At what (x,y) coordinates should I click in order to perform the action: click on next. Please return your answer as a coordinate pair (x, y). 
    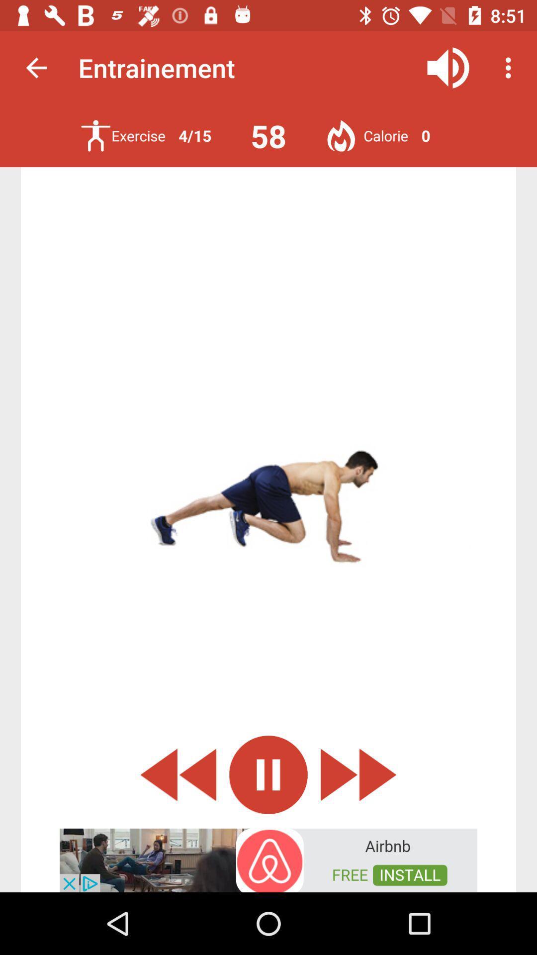
    Looking at the image, I should click on (358, 774).